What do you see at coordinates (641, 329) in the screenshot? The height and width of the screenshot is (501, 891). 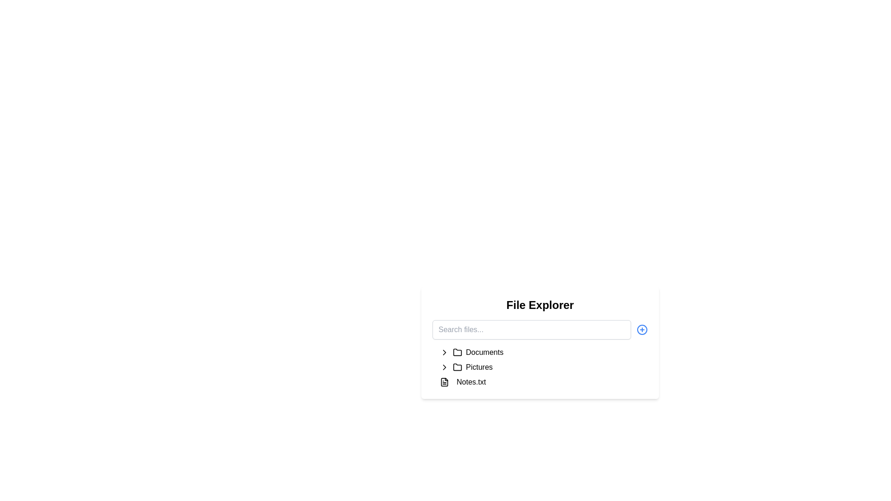 I see `the action trigger button located to the right of the 'Search files...' input field` at bounding box center [641, 329].